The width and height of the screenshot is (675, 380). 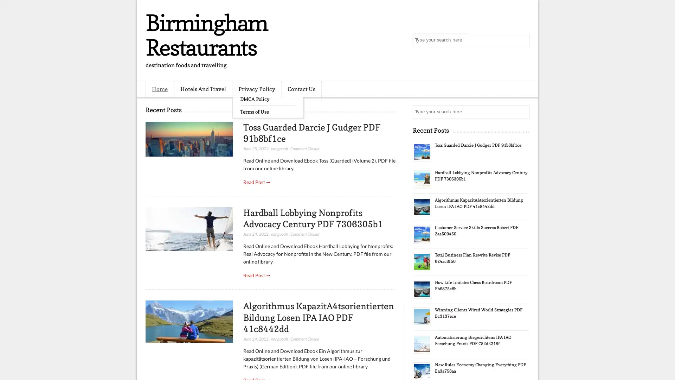 I want to click on Search, so click(x=522, y=40).